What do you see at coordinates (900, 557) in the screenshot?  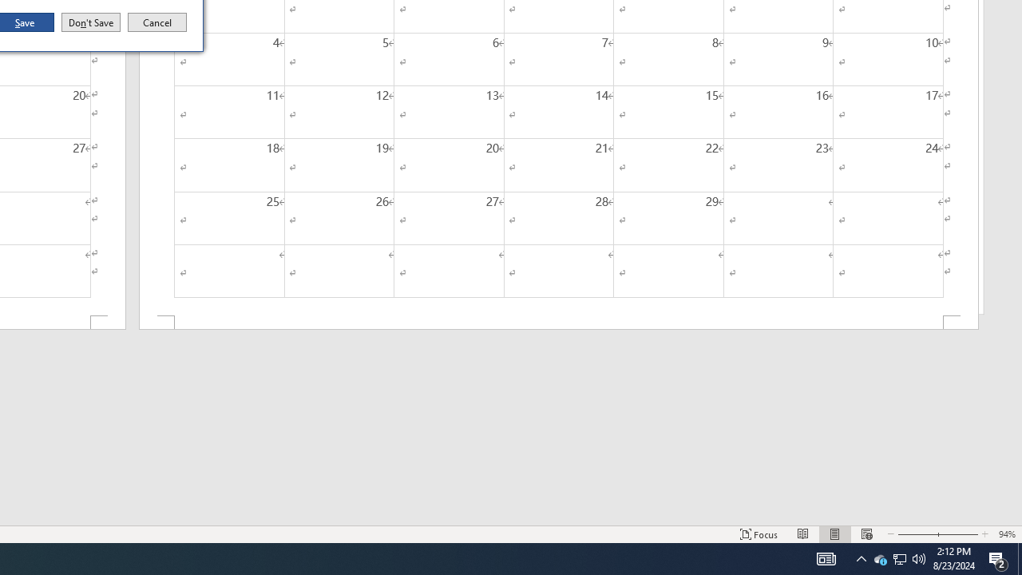 I see `'User Promoted Notification Area'` at bounding box center [900, 557].